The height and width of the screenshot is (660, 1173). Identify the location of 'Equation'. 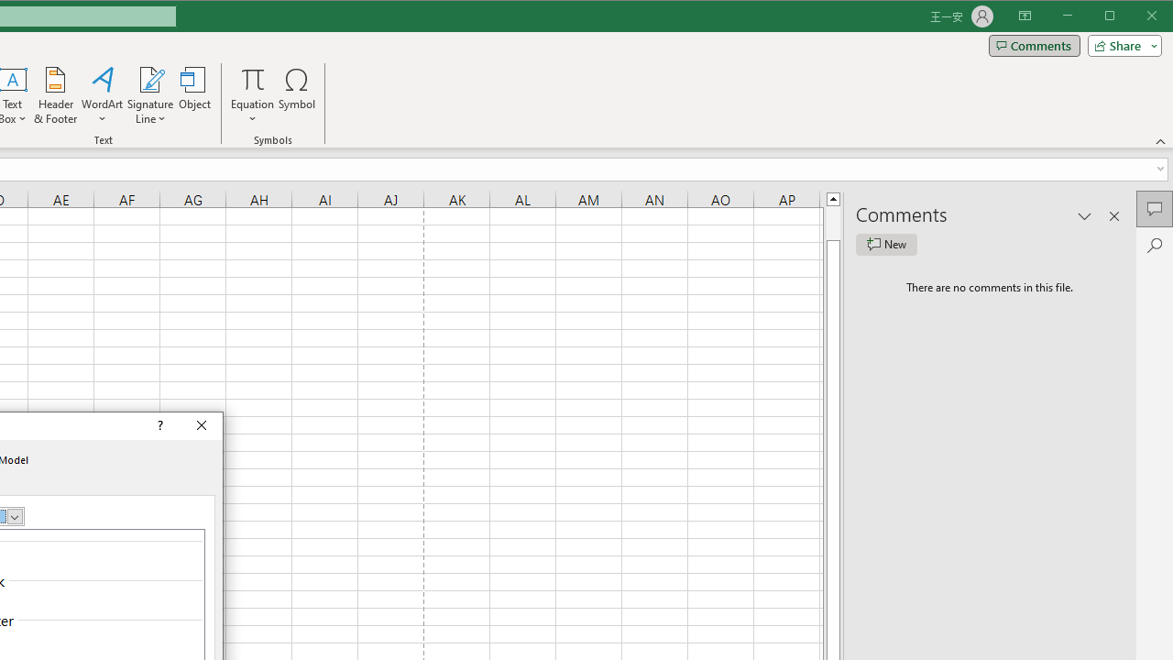
(251, 78).